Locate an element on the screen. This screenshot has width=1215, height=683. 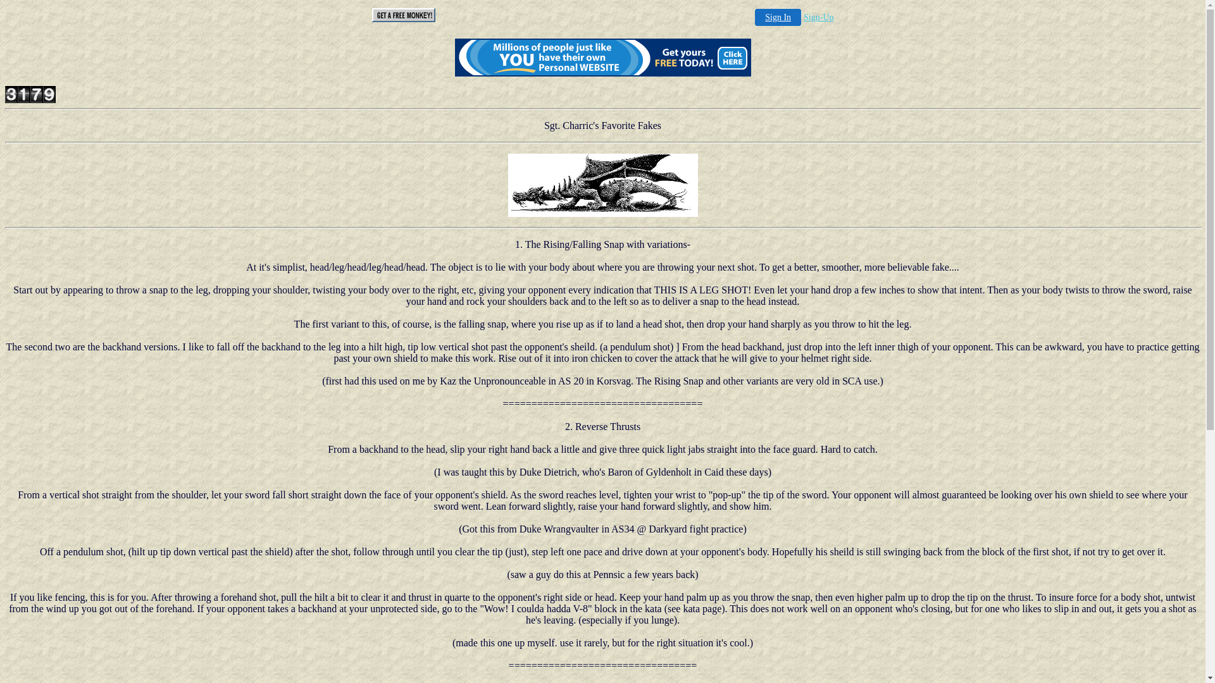
'Sign-Up' is located at coordinates (803, 17).